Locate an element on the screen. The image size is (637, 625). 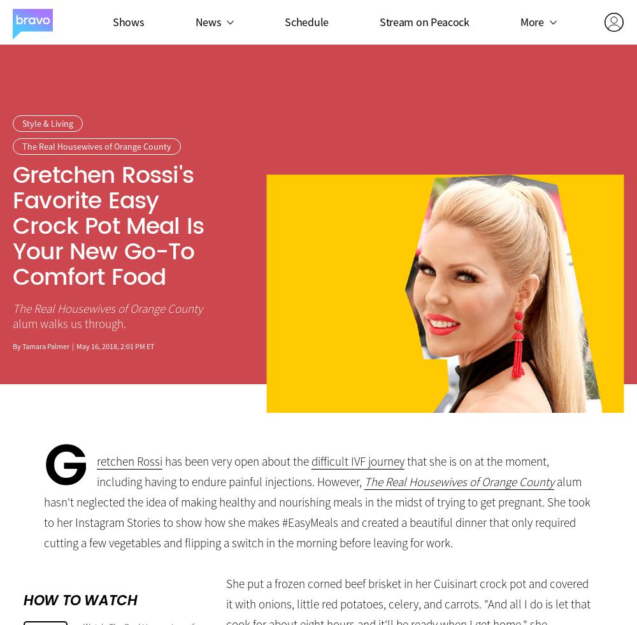
'Shows' is located at coordinates (127, 20).